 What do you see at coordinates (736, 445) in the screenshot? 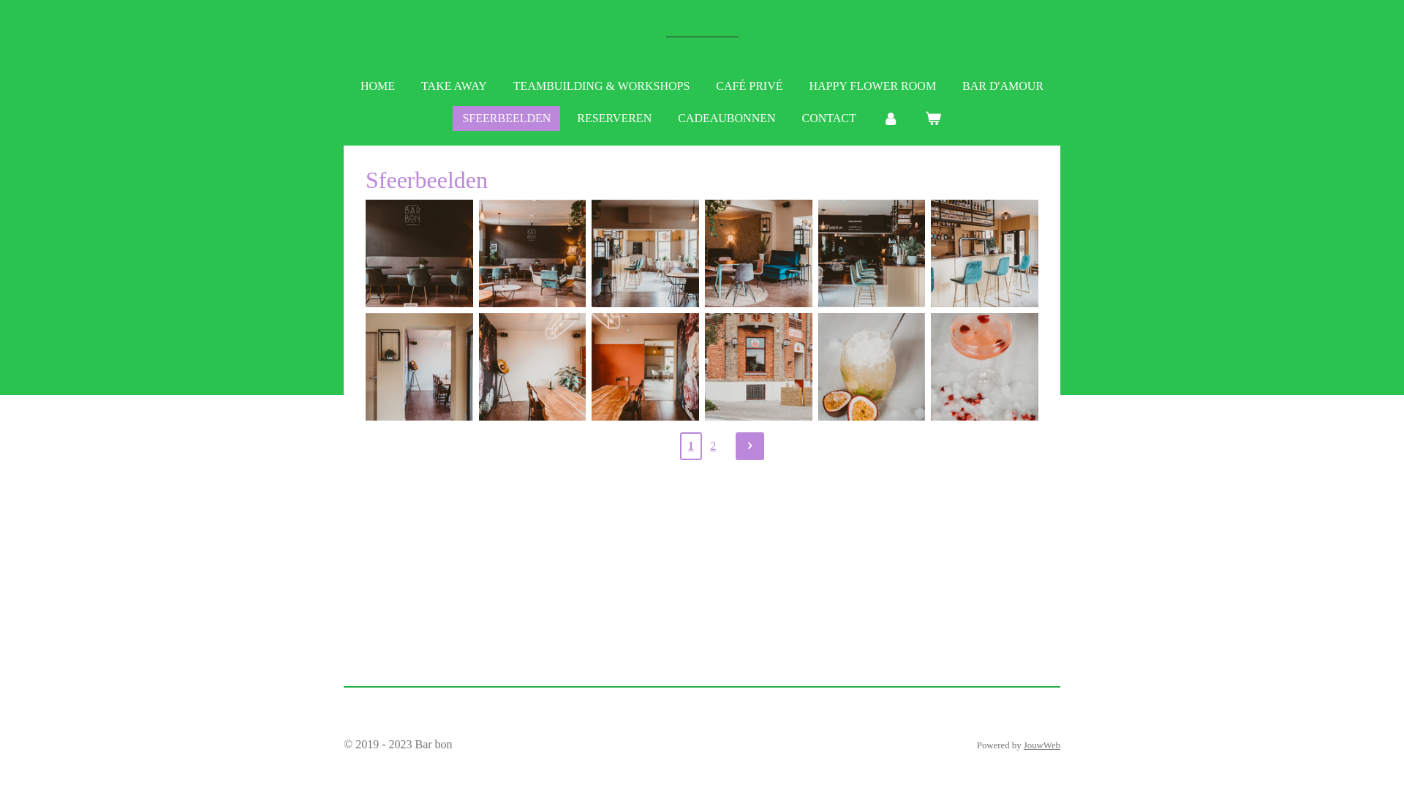
I see `'Volgende pagina'` at bounding box center [736, 445].